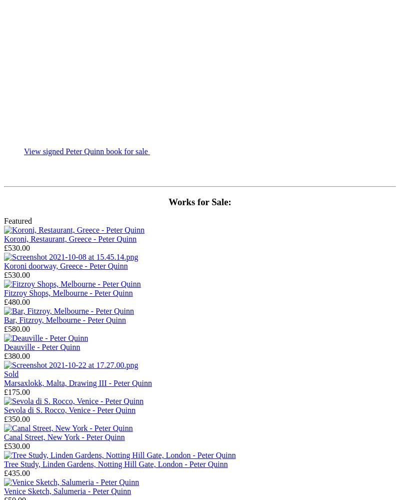  I want to click on 'Sold', so click(4, 373).